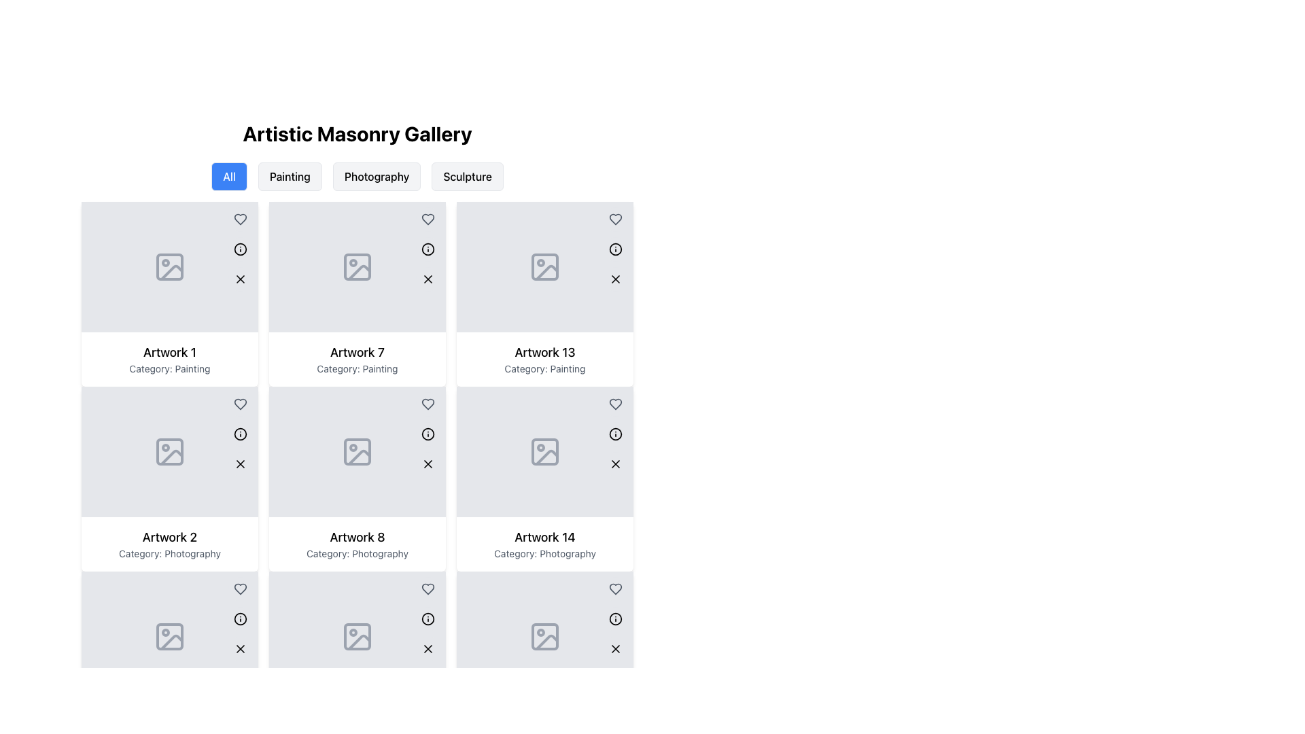 The height and width of the screenshot is (734, 1305). I want to click on the gray icon resembling an image placeholder, located inside the third cell of the first row in the grid layout labeled 'Category: Painting', so click(358, 267).